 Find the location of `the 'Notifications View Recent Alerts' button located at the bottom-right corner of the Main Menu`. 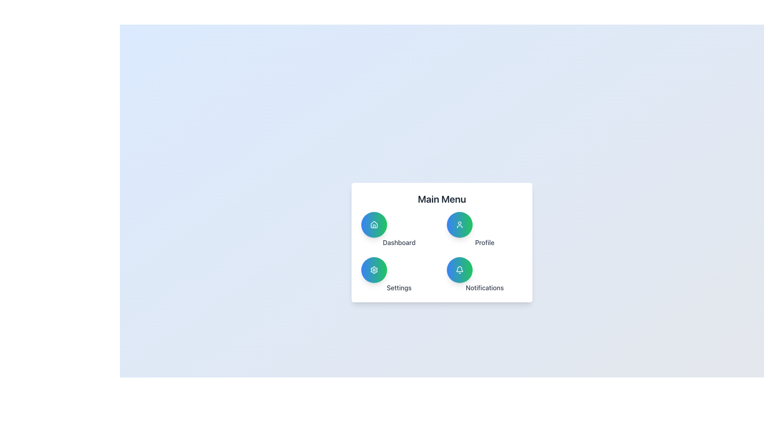

the 'Notifications View Recent Alerts' button located at the bottom-right corner of the Main Menu is located at coordinates (459, 270).